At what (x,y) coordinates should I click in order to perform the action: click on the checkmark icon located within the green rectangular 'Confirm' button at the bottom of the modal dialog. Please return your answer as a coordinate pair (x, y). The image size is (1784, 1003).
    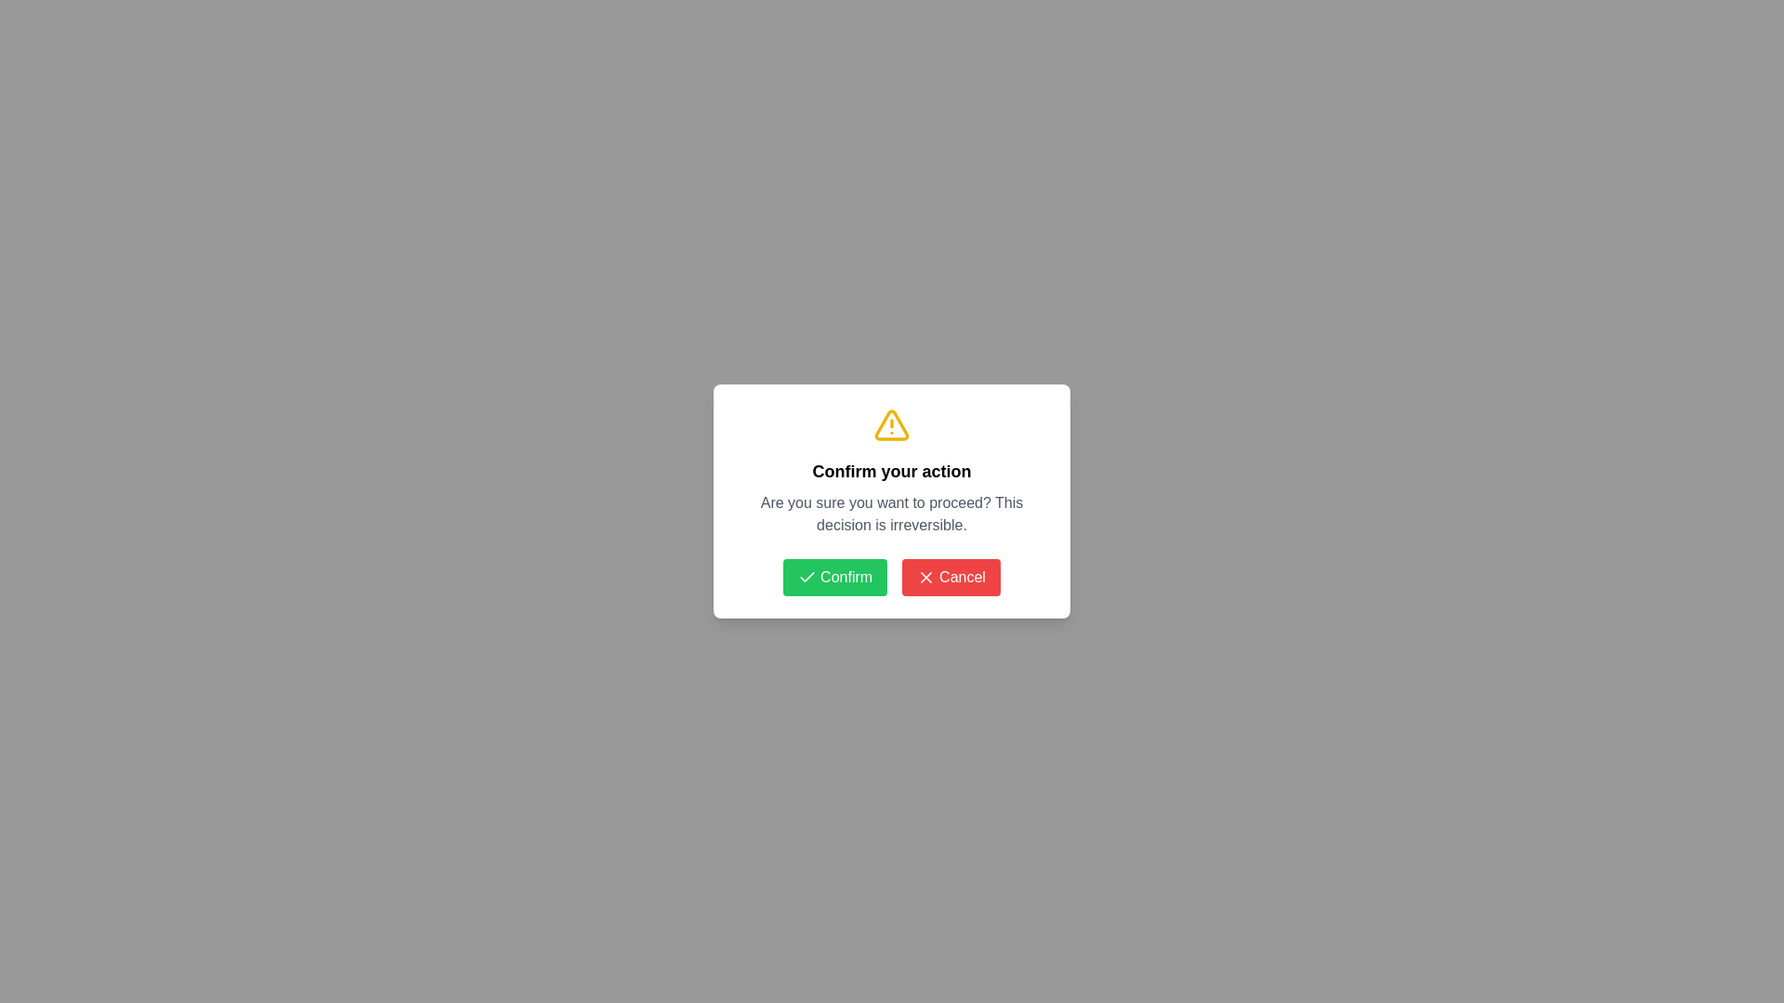
    Looking at the image, I should click on (807, 576).